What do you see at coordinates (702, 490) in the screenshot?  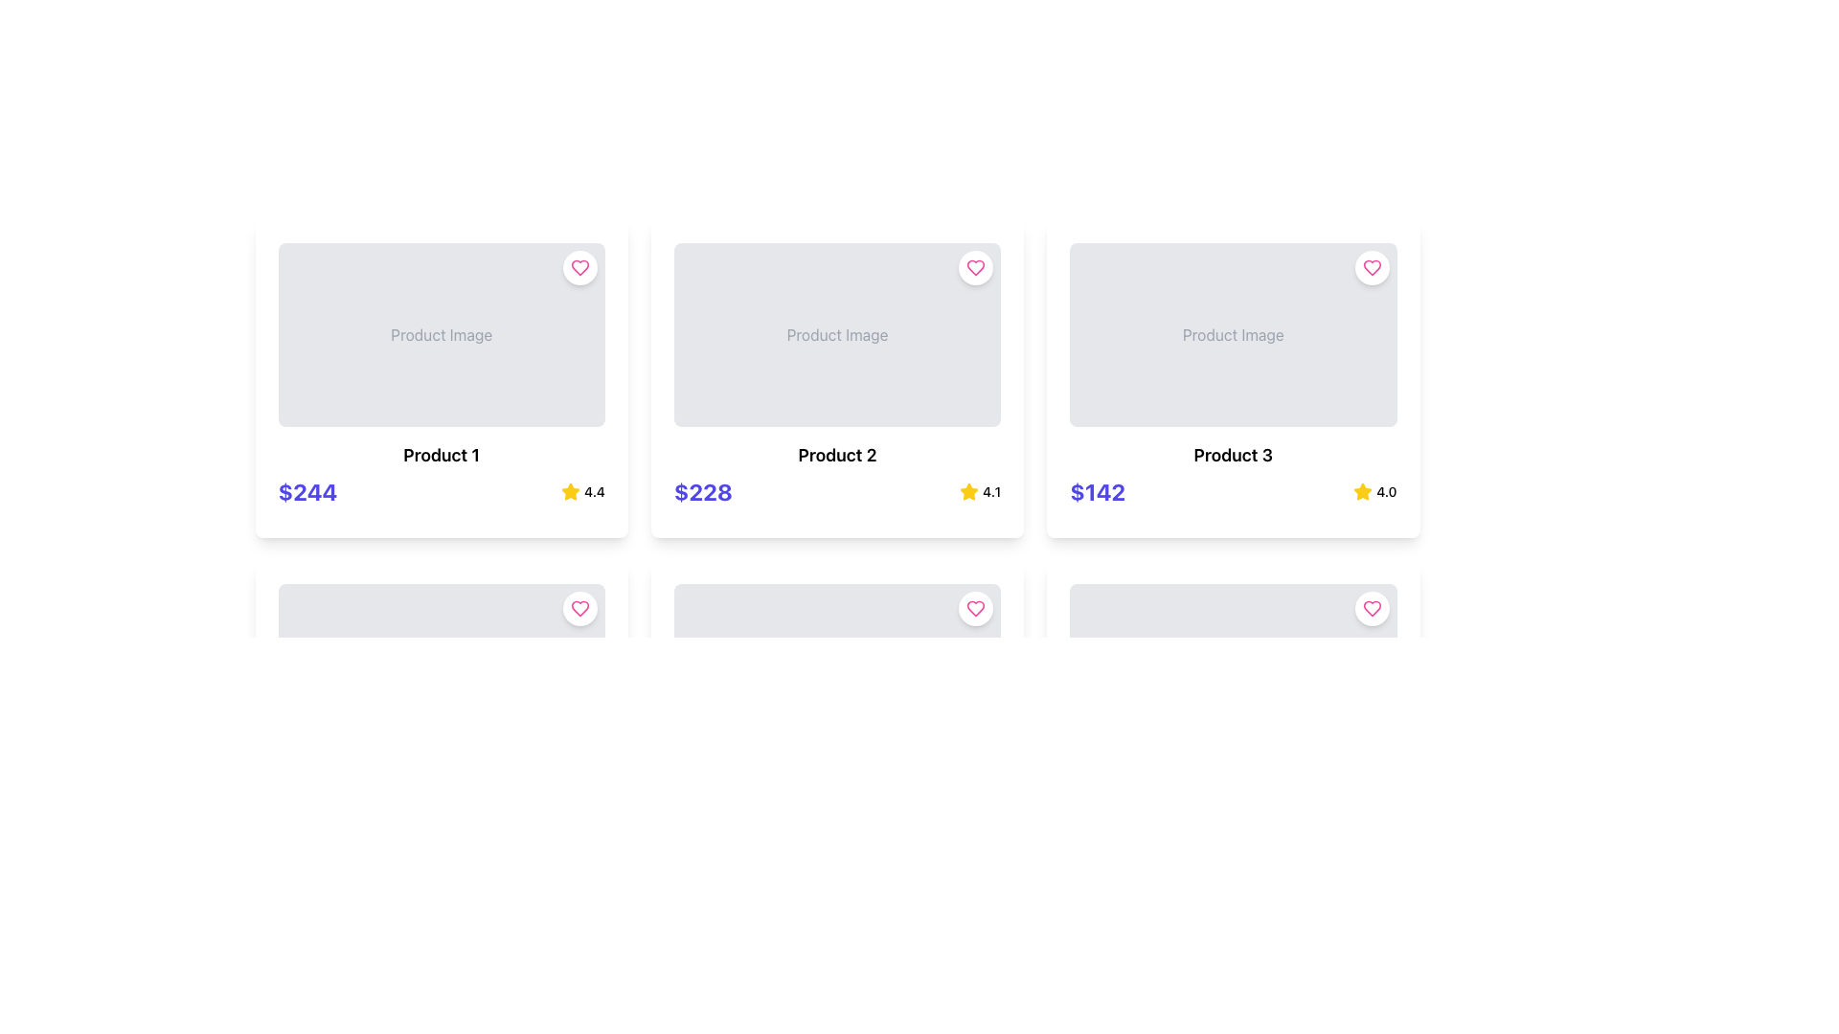 I see `text content of the label displaying the price for 'Product 2', which is located in the lower-left quadrant of the card, directly below the product image and title` at bounding box center [702, 490].